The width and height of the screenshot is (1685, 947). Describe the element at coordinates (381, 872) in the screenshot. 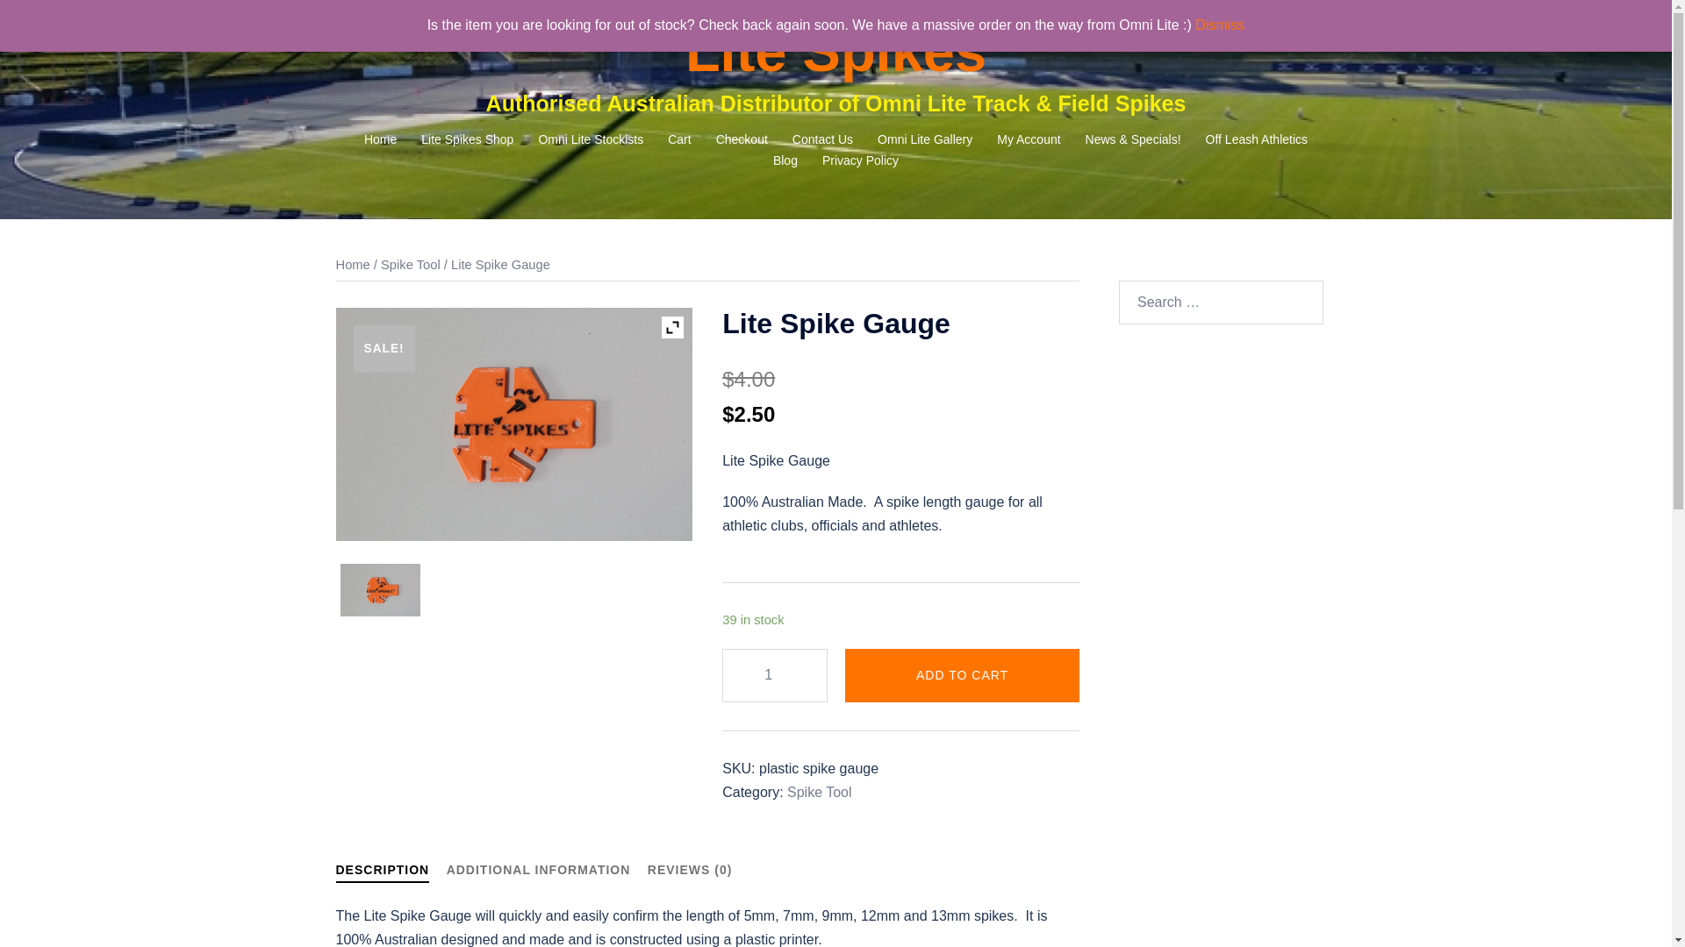

I see `'DESCRIPTION'` at that location.